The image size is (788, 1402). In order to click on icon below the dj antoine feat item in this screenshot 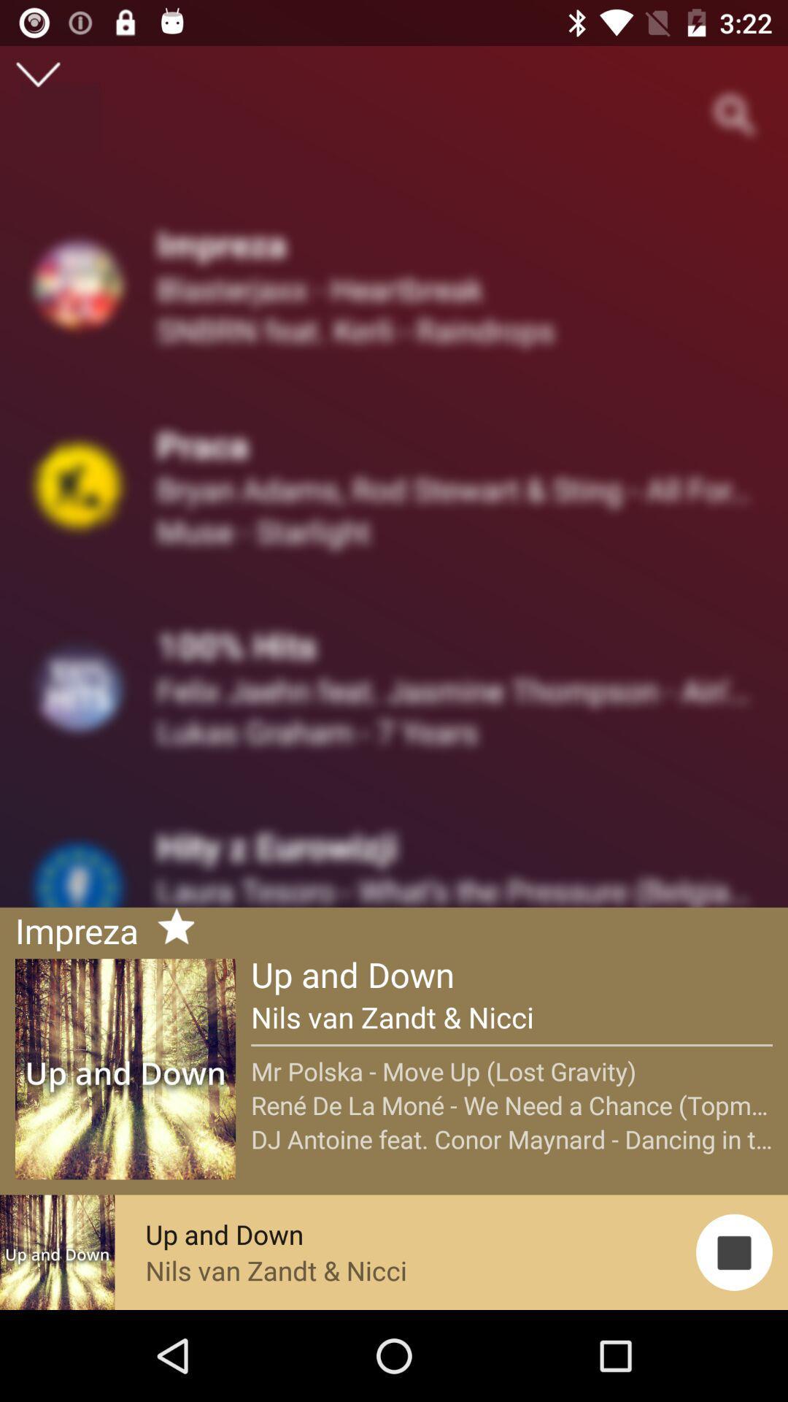, I will do `click(734, 1252)`.